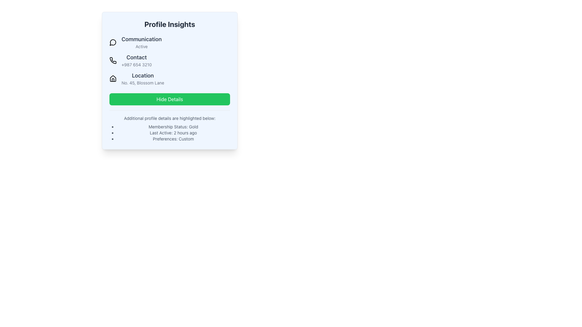  What do you see at coordinates (136, 64) in the screenshot?
I see `the text displaying the phone number '+987 654 3210' located below the 'Contact' label in the 'Profile Insights' card` at bounding box center [136, 64].